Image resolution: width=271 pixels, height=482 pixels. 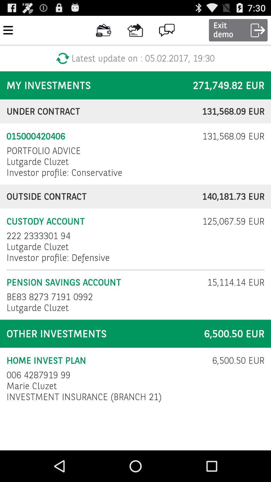 I want to click on the item above the portfolio advice icon, so click(x=101, y=136).